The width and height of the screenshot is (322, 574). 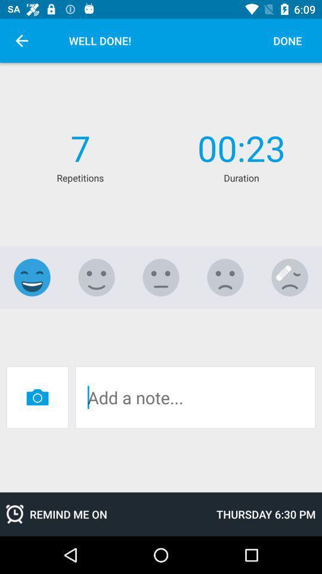 What do you see at coordinates (225, 277) in the screenshot?
I see `the emoji icon` at bounding box center [225, 277].